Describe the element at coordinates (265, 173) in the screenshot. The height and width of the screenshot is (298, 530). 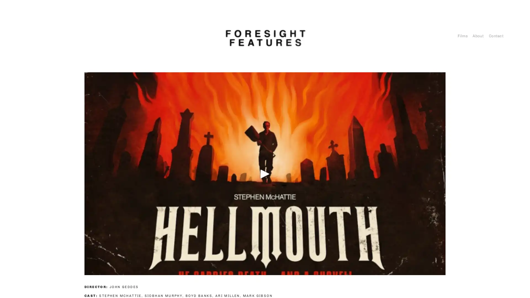
I see `Play` at that location.